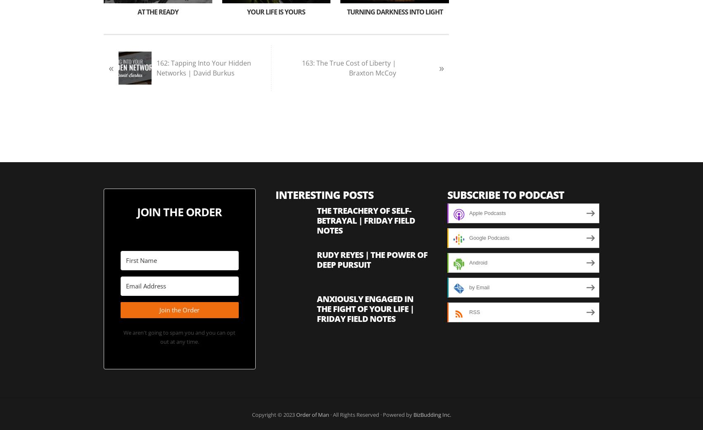 This screenshot has height=430, width=703. I want to click on 'by Email', so click(469, 287).